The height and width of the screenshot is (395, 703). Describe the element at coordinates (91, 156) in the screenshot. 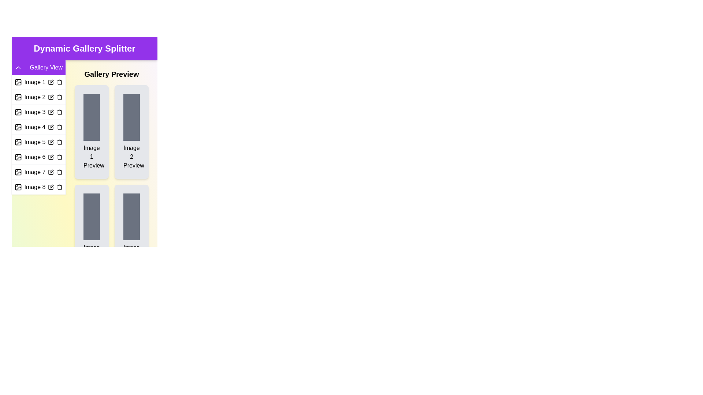

I see `the text label element reading 'Image 1 Preview' that is positioned below a gray placeholder image in the Gallery Preview panel` at that location.